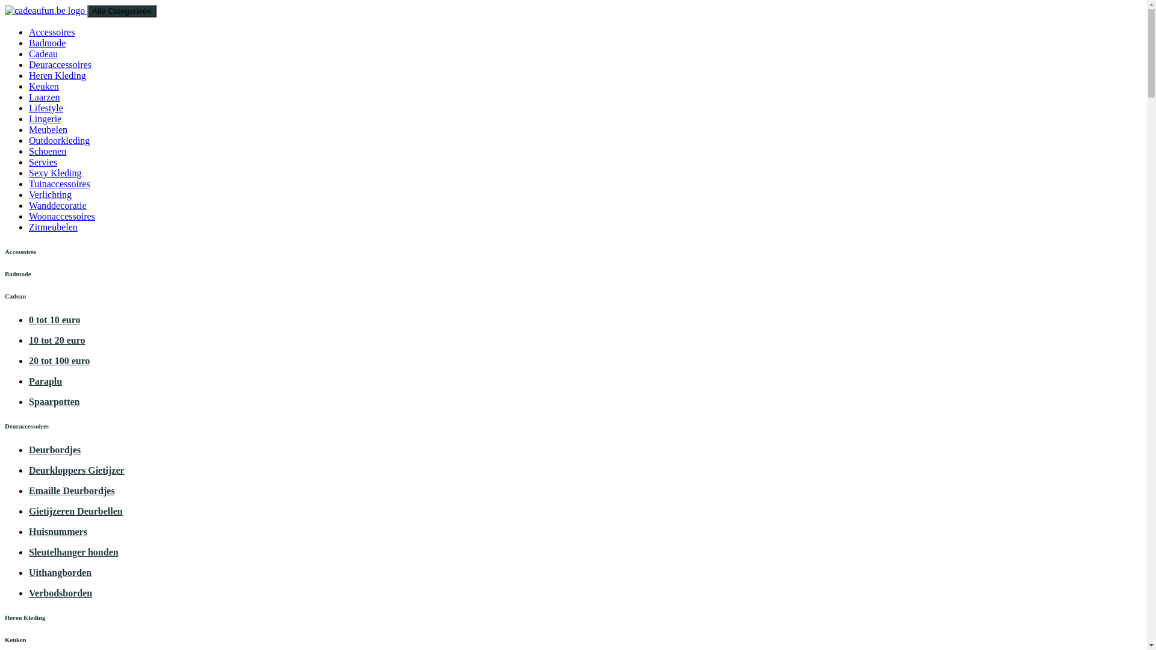 This screenshot has width=1156, height=650. Describe the element at coordinates (49, 194) in the screenshot. I see `'Verlichting'` at that location.